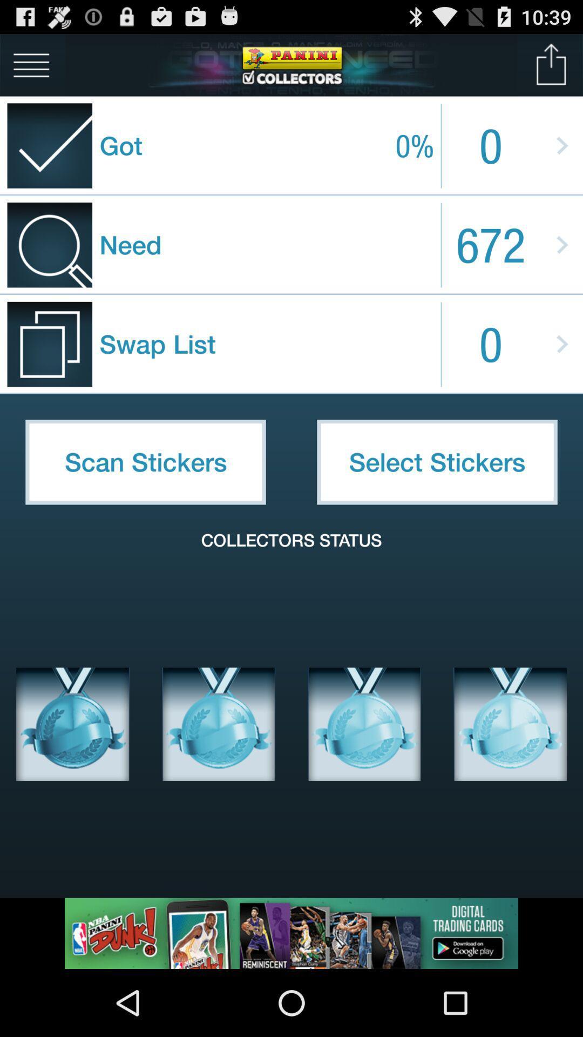 This screenshot has width=583, height=1037. I want to click on the icon on the right, so click(437, 462).